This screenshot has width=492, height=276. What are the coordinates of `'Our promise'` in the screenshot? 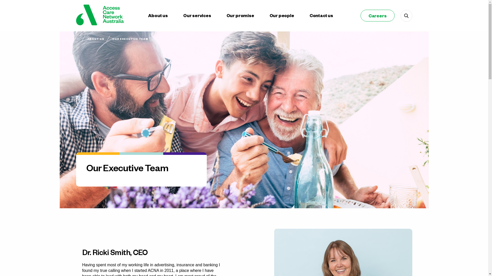 It's located at (240, 15).